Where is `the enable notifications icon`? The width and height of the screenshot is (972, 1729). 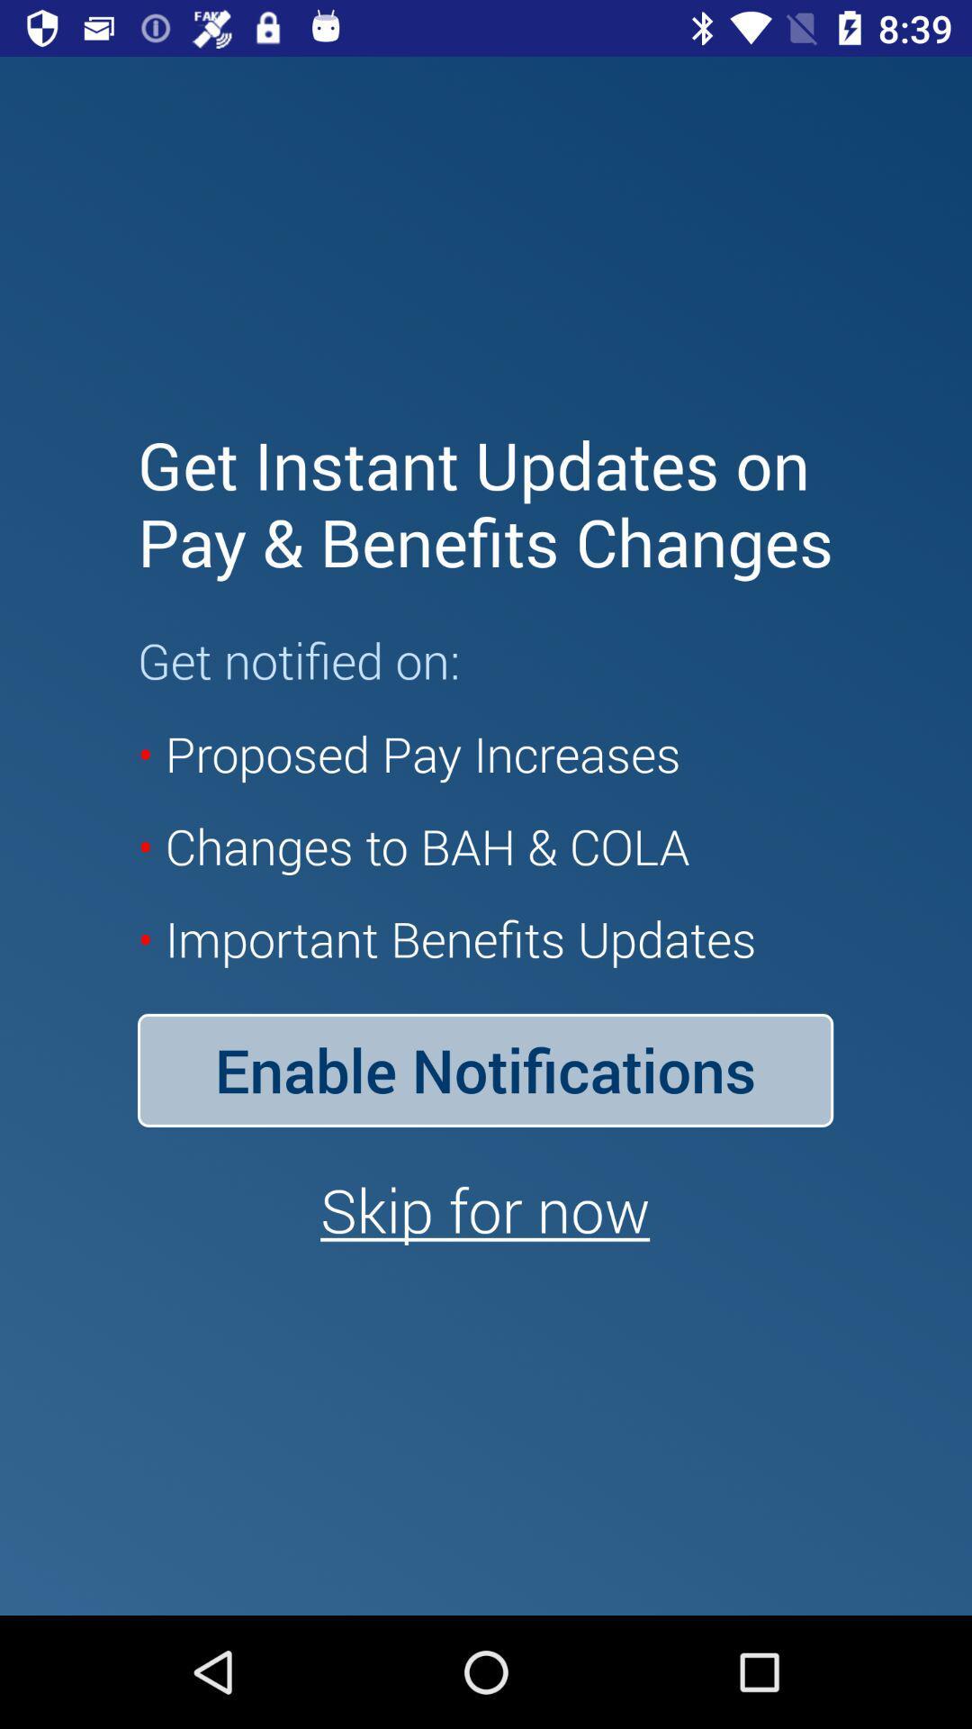
the enable notifications icon is located at coordinates (484, 1070).